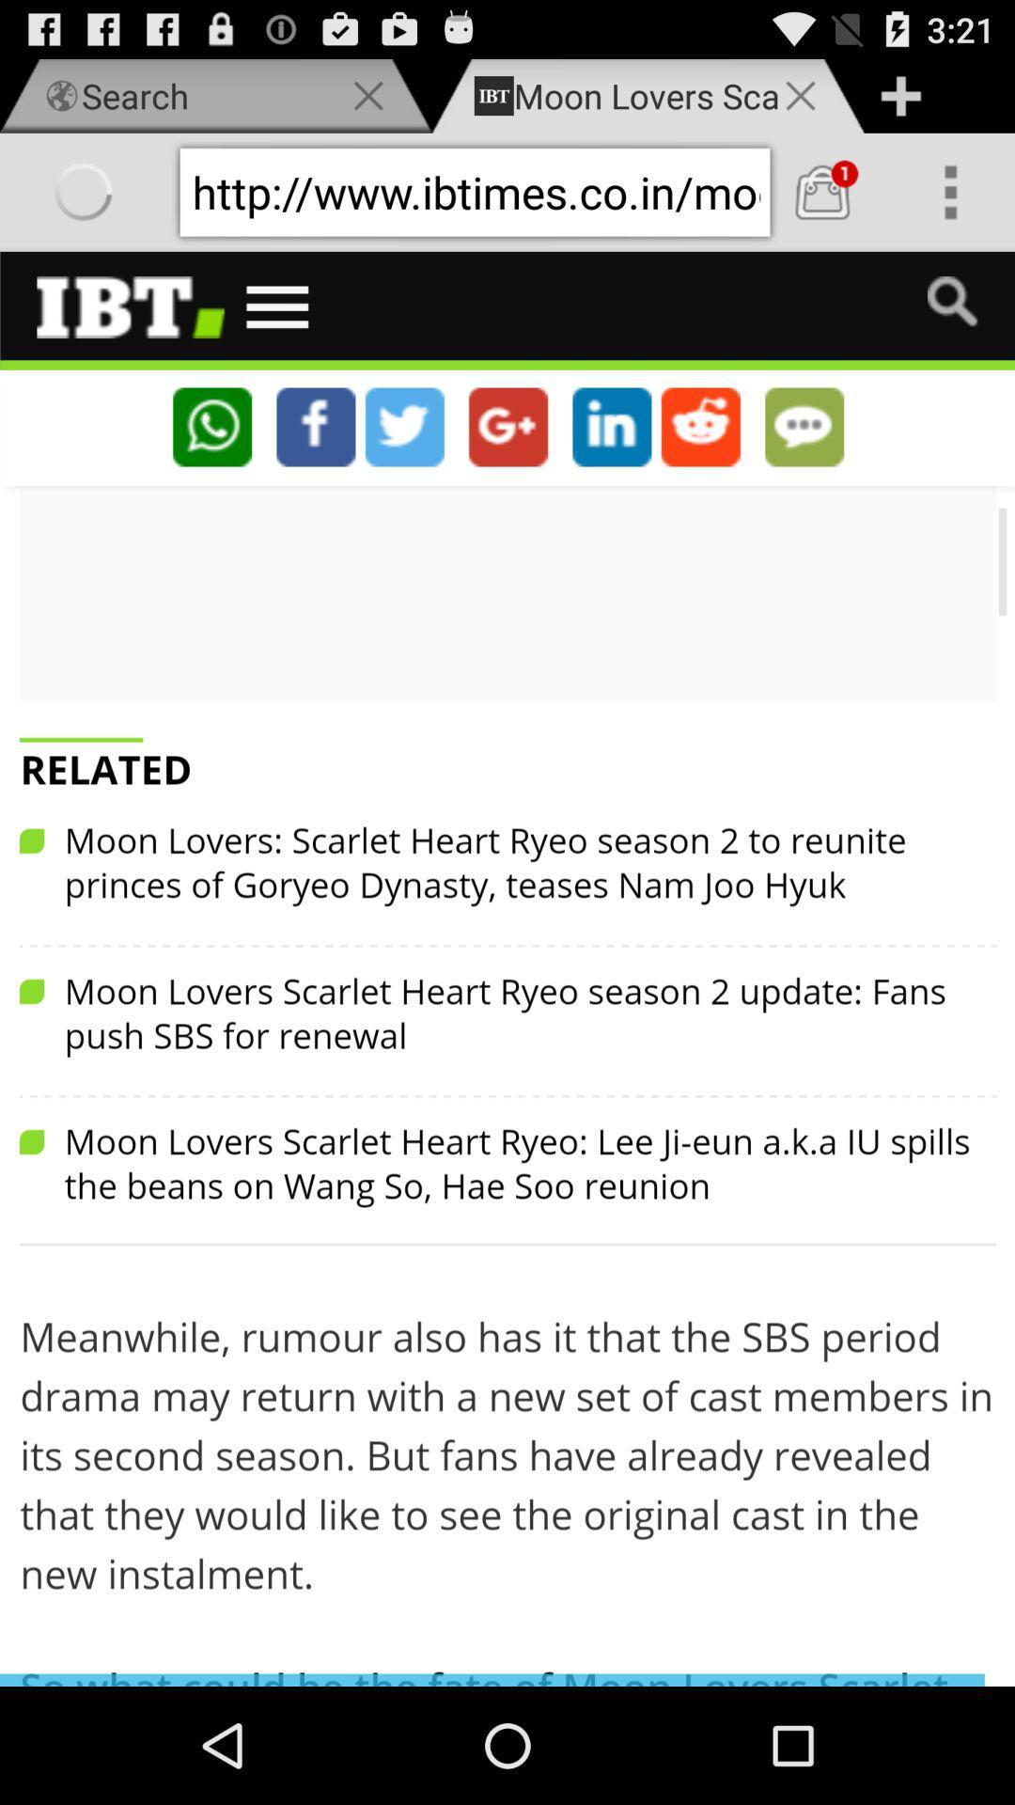 The image size is (1015, 1805). I want to click on over view option, so click(950, 192).